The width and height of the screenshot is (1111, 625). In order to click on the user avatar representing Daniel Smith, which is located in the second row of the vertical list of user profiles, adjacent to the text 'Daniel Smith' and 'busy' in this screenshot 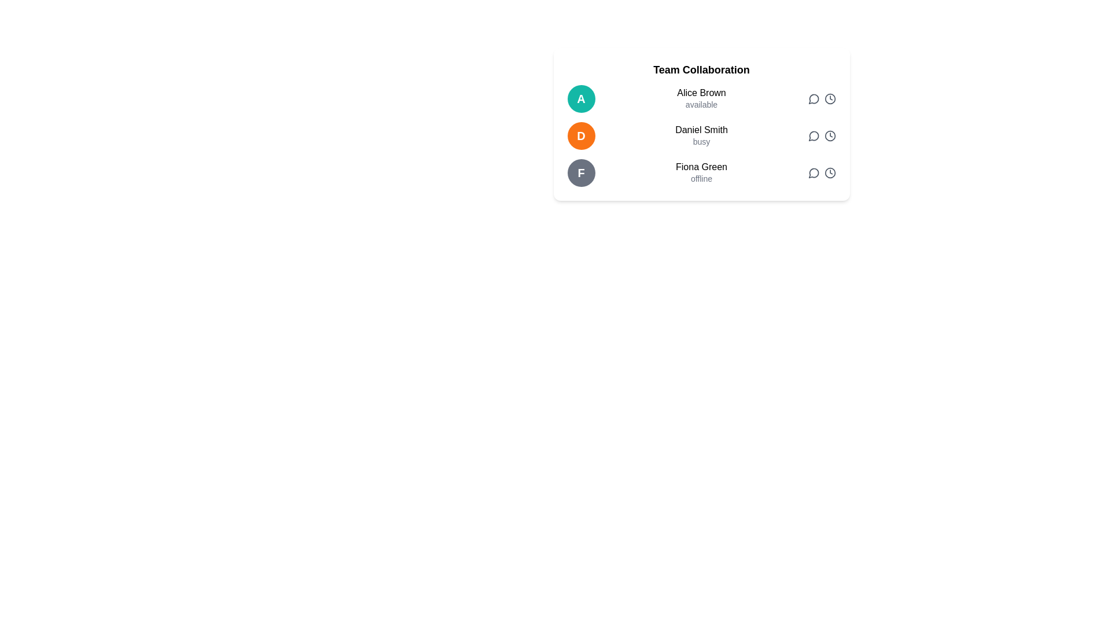, I will do `click(581, 135)`.